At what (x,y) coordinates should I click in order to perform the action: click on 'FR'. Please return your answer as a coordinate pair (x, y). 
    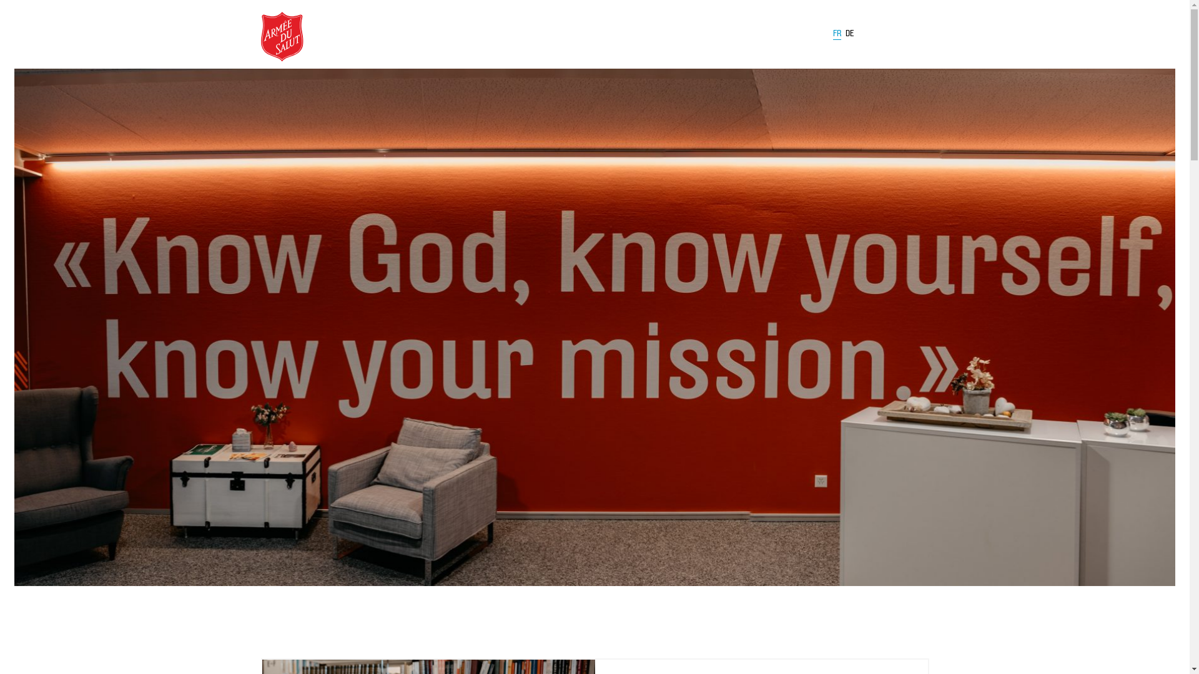
    Looking at the image, I should click on (837, 35).